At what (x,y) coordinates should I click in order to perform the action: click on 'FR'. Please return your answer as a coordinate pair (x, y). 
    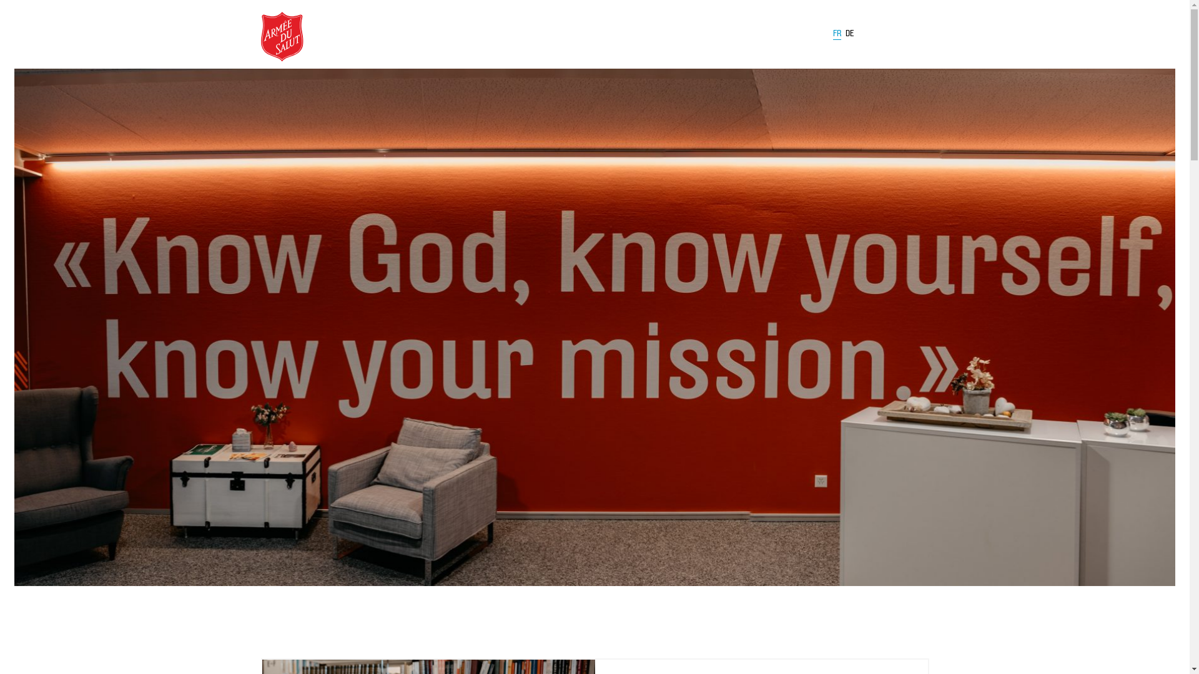
    Looking at the image, I should click on (837, 35).